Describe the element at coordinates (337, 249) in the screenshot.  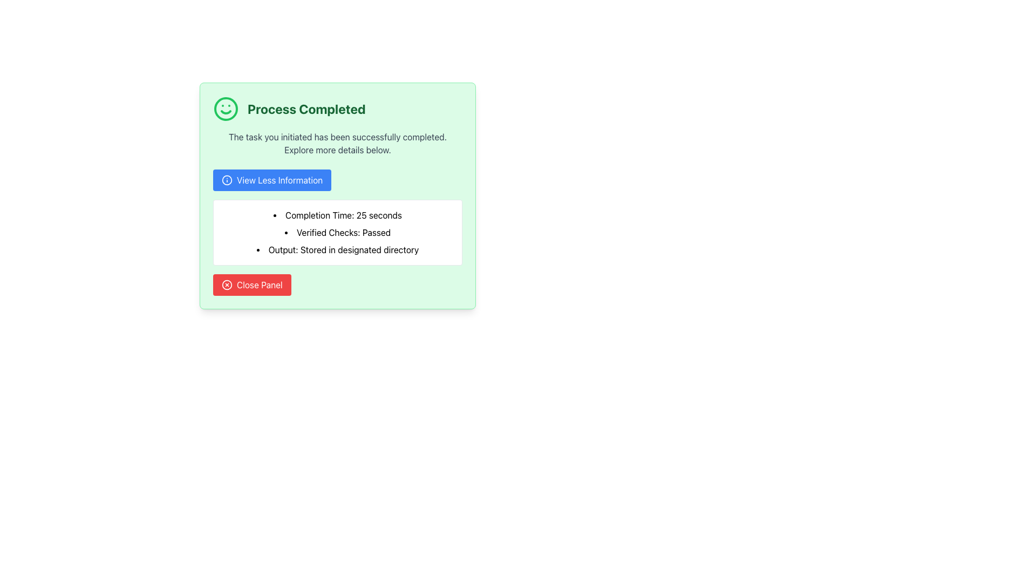
I see `the text element displaying 'Output: Stored in designated directory', which is the last item in the bullet point list under the 'Process Completed' section` at that location.